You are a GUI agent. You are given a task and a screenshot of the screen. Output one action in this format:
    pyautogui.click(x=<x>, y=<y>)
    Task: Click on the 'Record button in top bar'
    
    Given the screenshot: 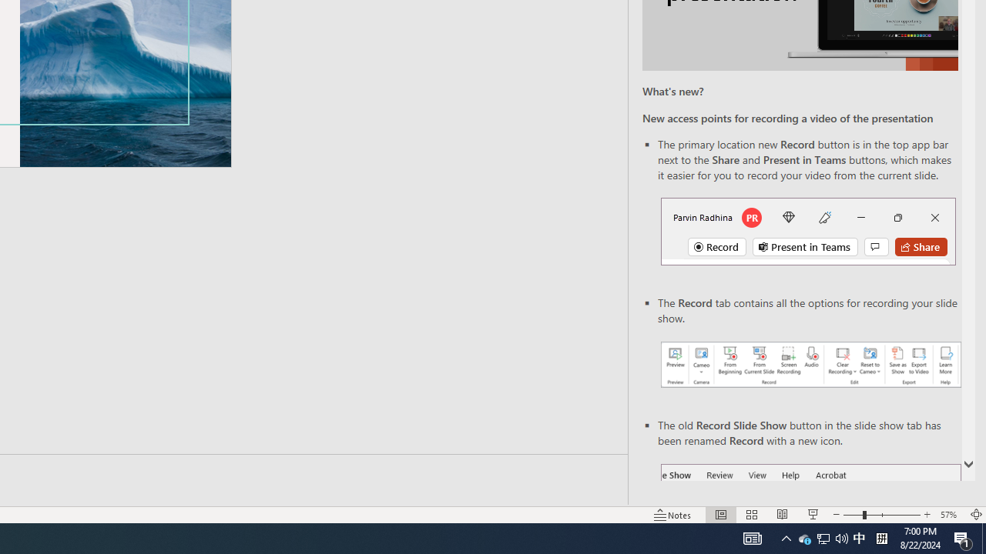 What is the action you would take?
    pyautogui.click(x=807, y=231)
    